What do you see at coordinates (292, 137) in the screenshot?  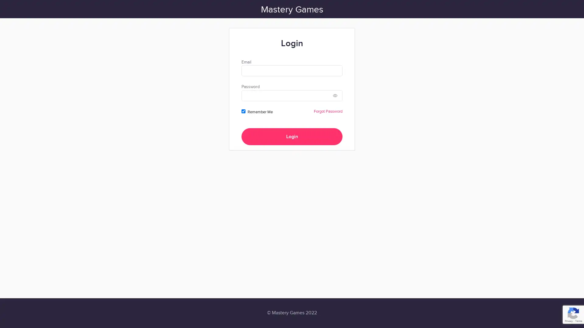 I see `Login` at bounding box center [292, 137].